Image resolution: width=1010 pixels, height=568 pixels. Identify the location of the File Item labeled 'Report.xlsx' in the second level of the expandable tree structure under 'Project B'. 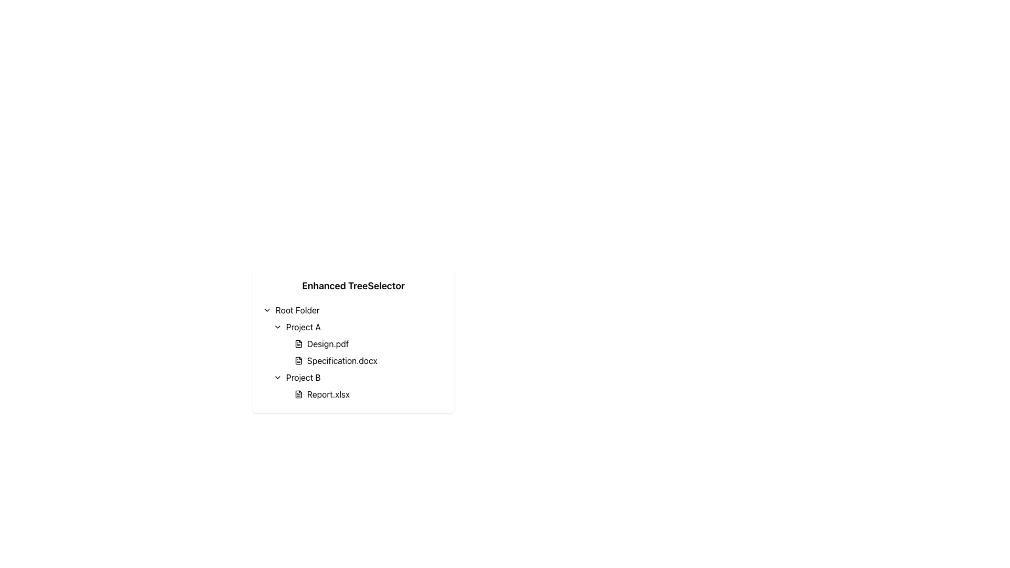
(369, 394).